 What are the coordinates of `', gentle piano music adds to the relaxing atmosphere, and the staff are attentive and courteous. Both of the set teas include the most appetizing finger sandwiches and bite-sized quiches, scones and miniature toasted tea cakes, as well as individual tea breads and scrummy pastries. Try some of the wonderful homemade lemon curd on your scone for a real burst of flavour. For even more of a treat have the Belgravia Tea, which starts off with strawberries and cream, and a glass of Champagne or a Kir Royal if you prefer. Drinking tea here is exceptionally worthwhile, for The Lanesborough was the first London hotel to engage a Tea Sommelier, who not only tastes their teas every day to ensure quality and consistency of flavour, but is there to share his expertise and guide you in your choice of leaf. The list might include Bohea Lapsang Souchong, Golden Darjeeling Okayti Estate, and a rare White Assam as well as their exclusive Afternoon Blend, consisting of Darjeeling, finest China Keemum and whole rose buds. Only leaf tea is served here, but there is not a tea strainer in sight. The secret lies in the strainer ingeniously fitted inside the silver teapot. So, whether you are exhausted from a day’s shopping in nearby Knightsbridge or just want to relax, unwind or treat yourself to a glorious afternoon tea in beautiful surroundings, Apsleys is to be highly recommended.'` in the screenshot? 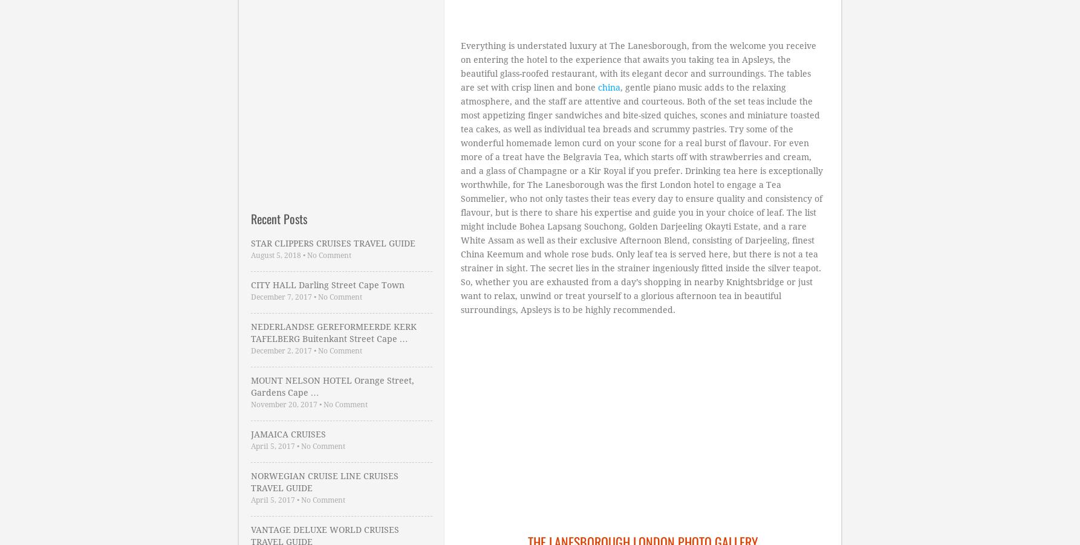 It's located at (641, 198).